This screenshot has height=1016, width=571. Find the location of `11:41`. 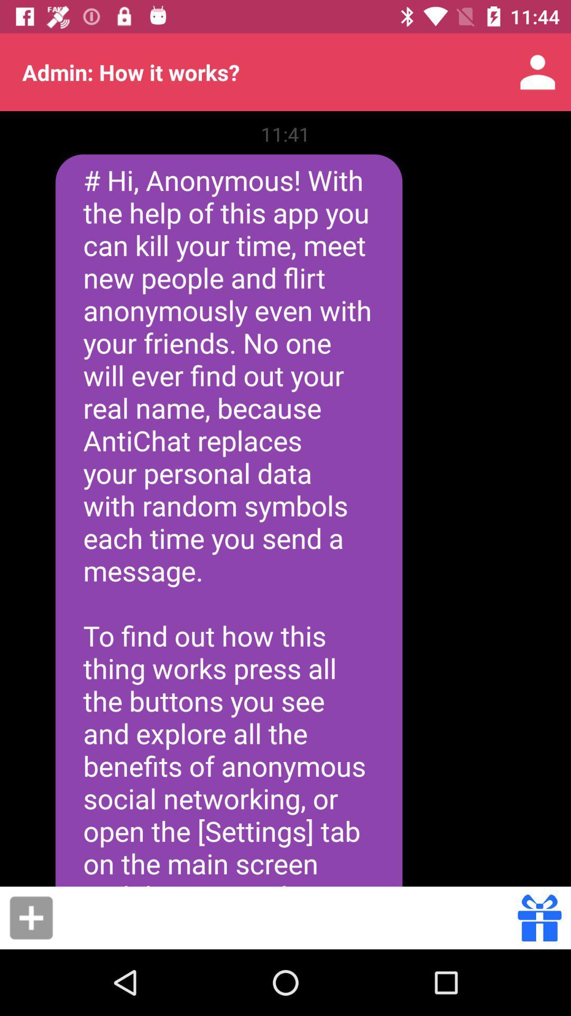

11:41 is located at coordinates (285, 133).